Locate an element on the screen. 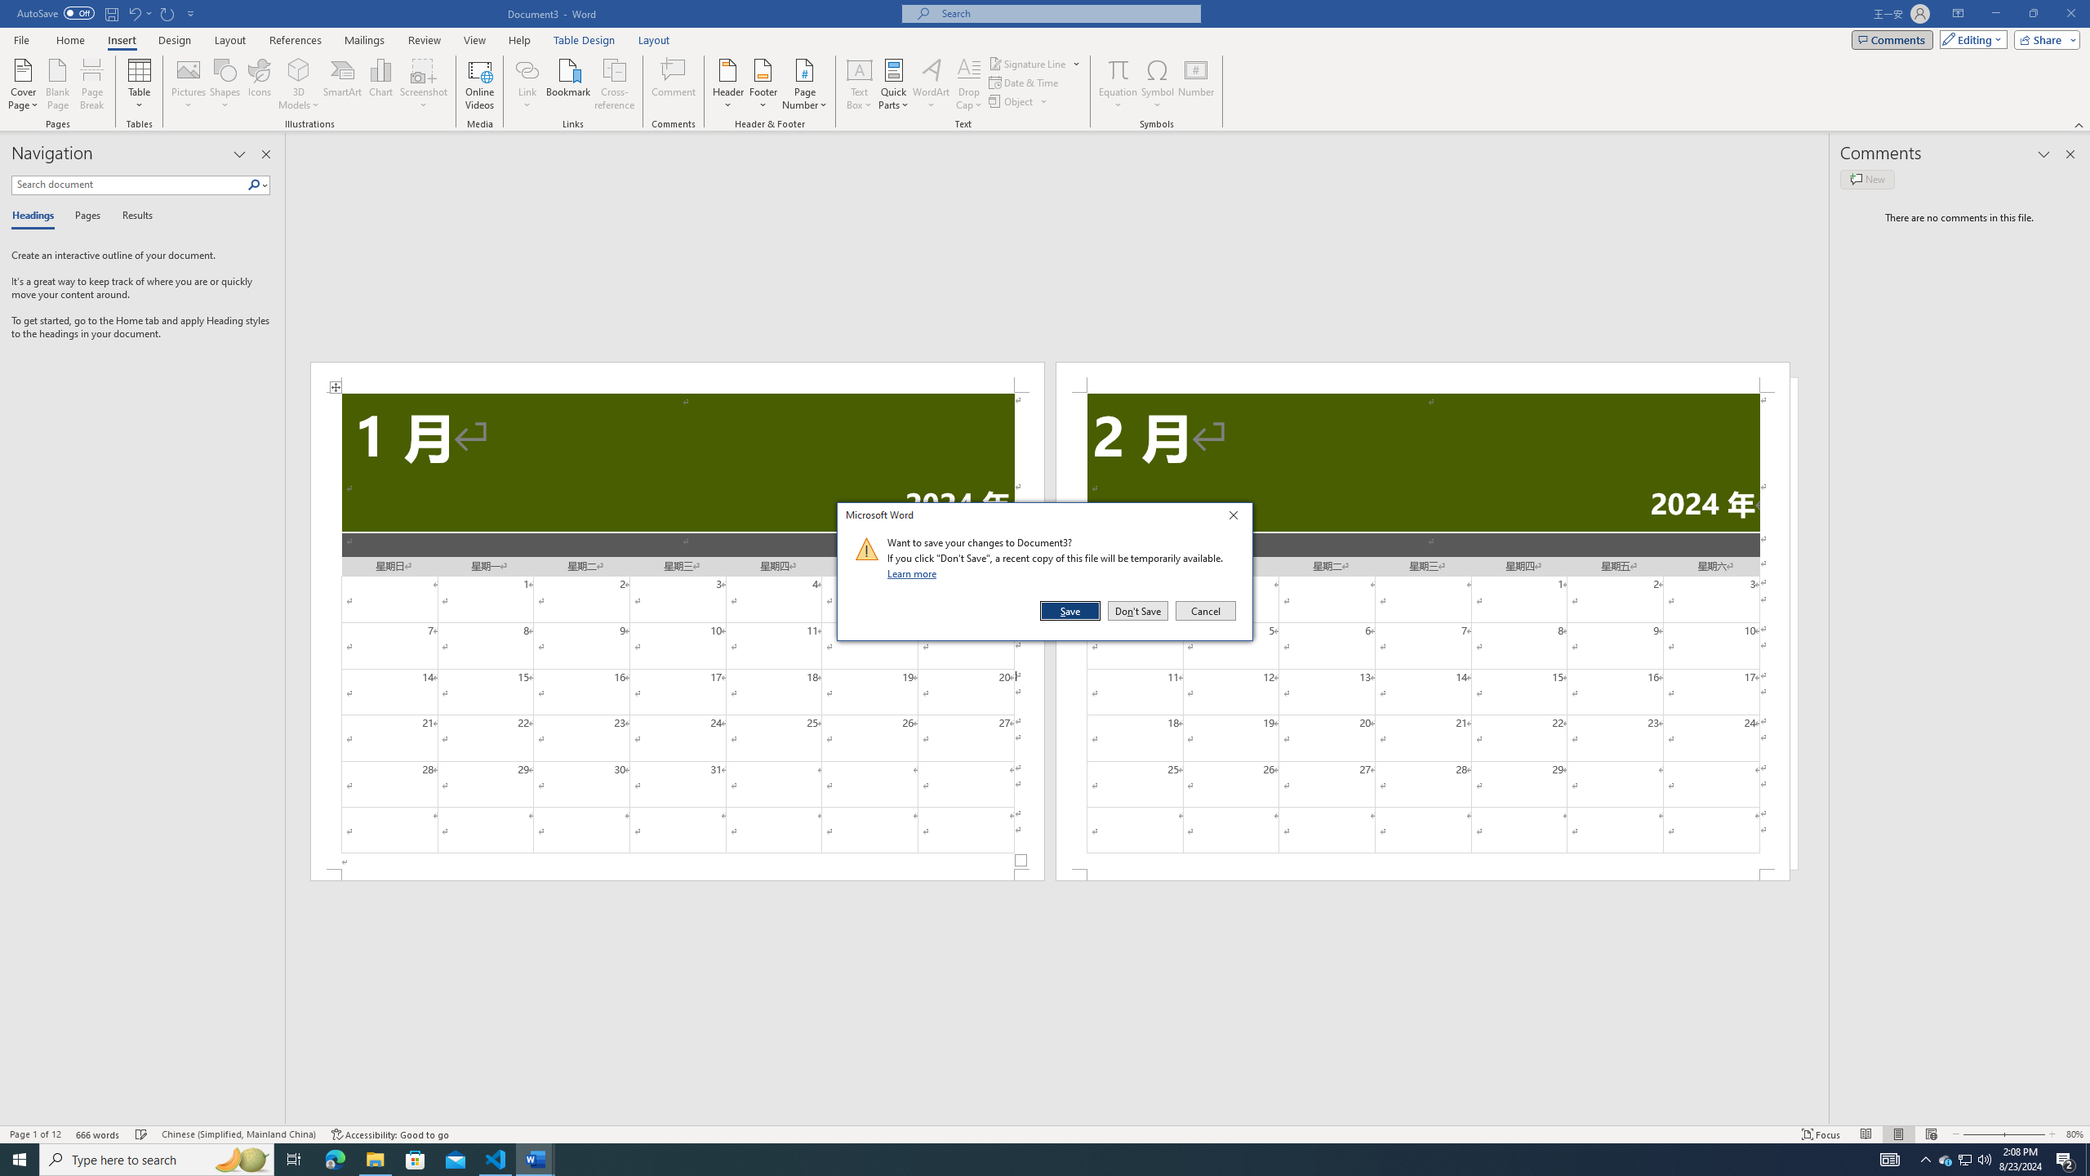 The image size is (2090, 1176). 'Design' is located at coordinates (176, 40).